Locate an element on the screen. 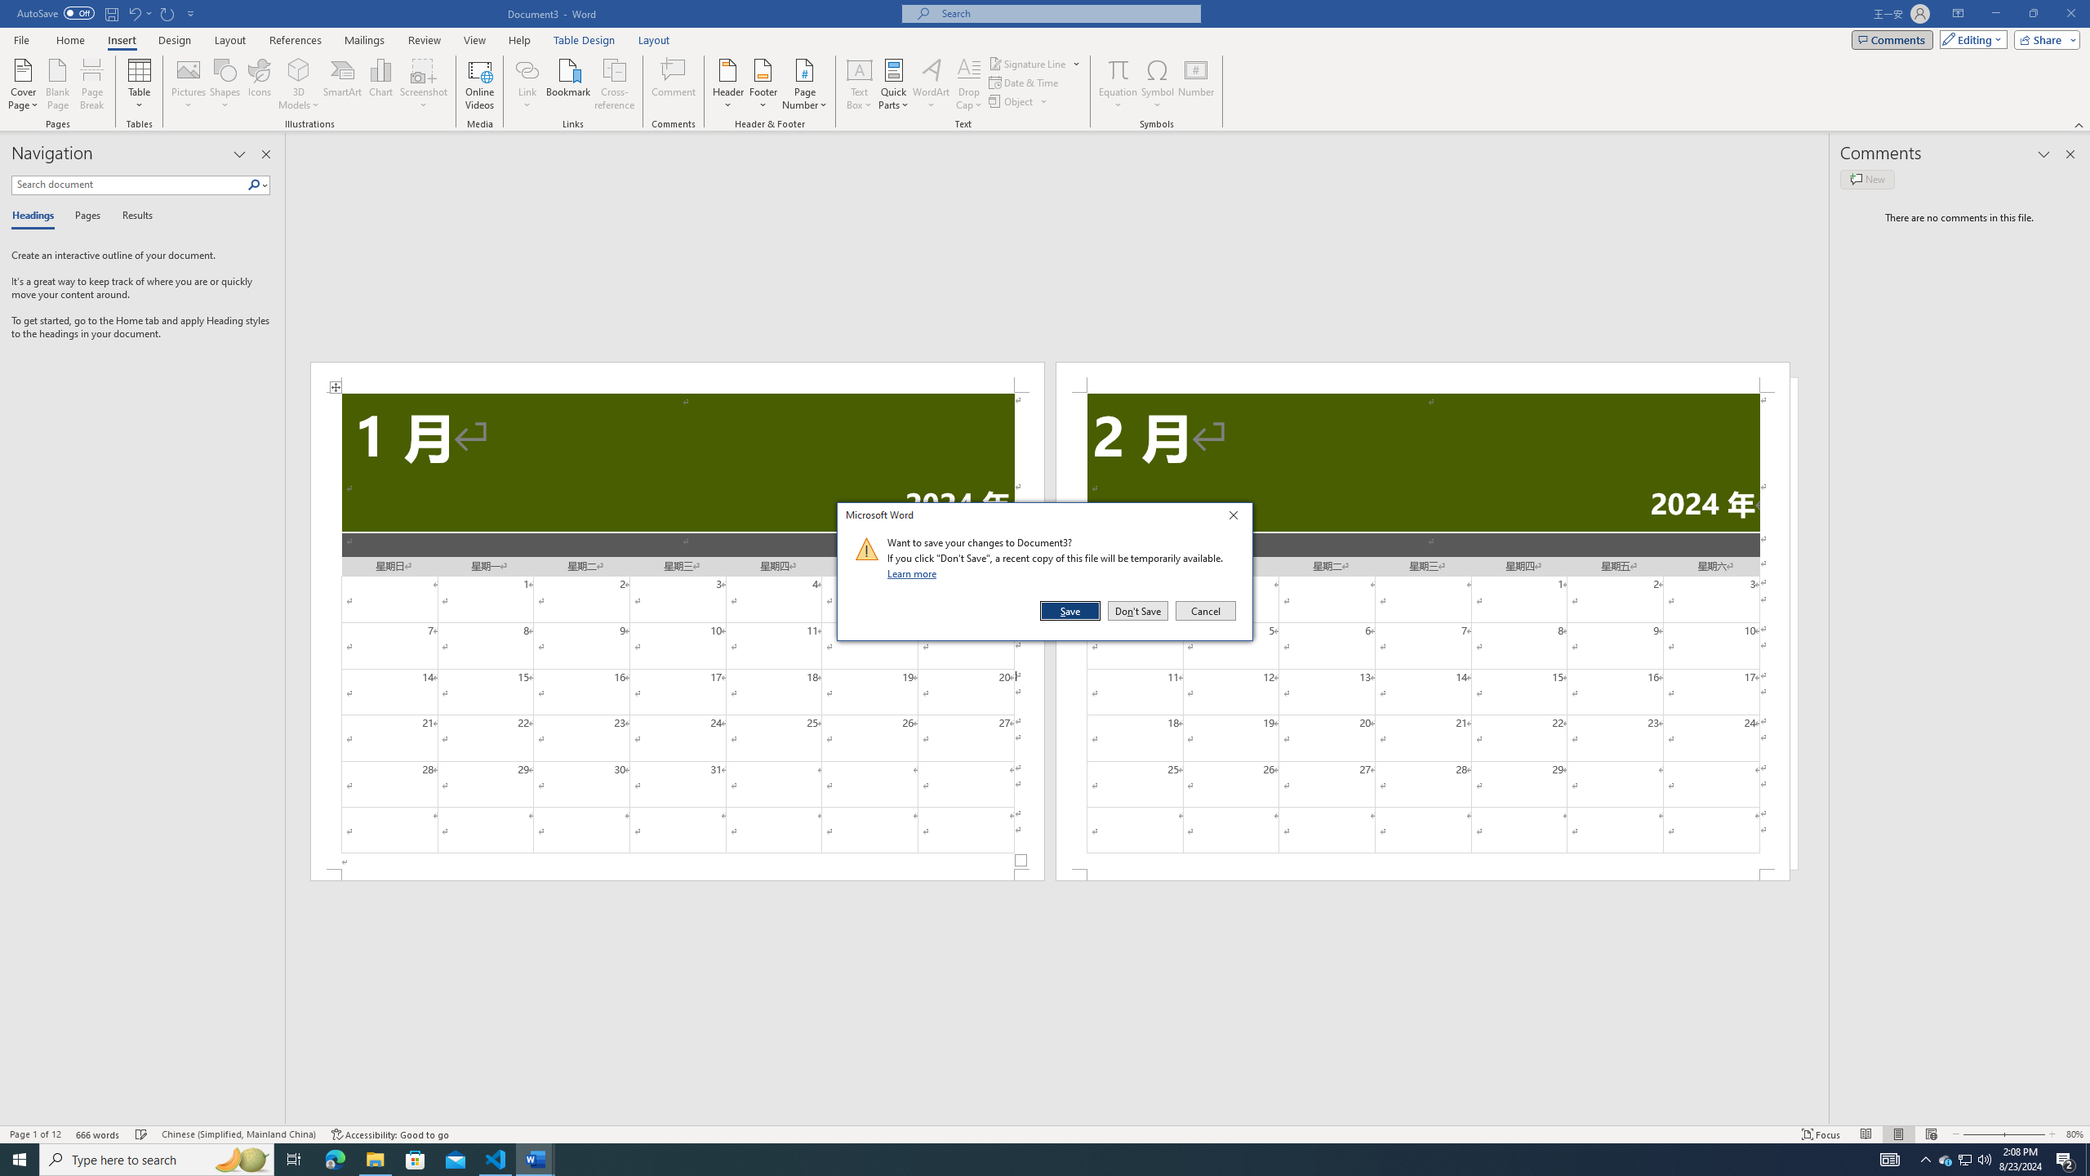 The image size is (2090, 1176). 'Design' is located at coordinates (176, 40).